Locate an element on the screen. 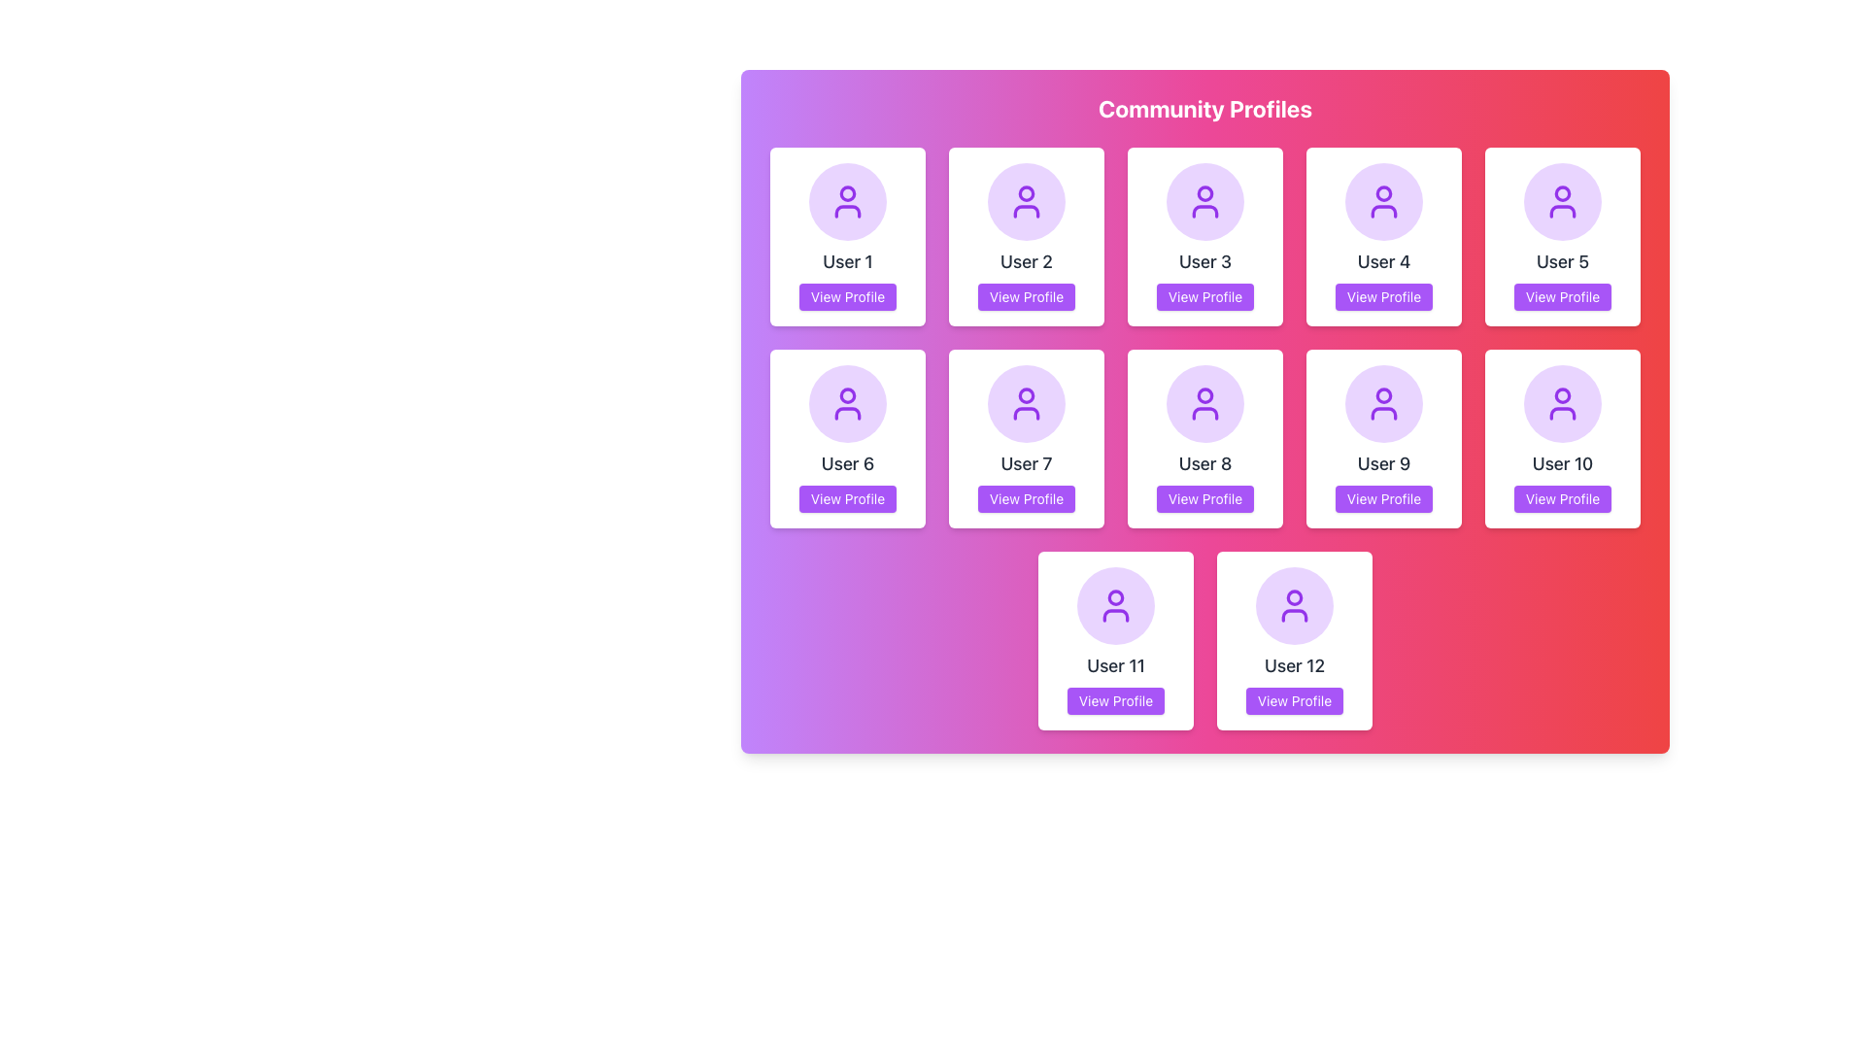 This screenshot has height=1049, width=1865. the text label displaying 'User 7', which is located in the third row and second column of the 'Community Profiles' grid, situated below an avatar icon and above the 'View Profile' button is located at coordinates (1025, 464).